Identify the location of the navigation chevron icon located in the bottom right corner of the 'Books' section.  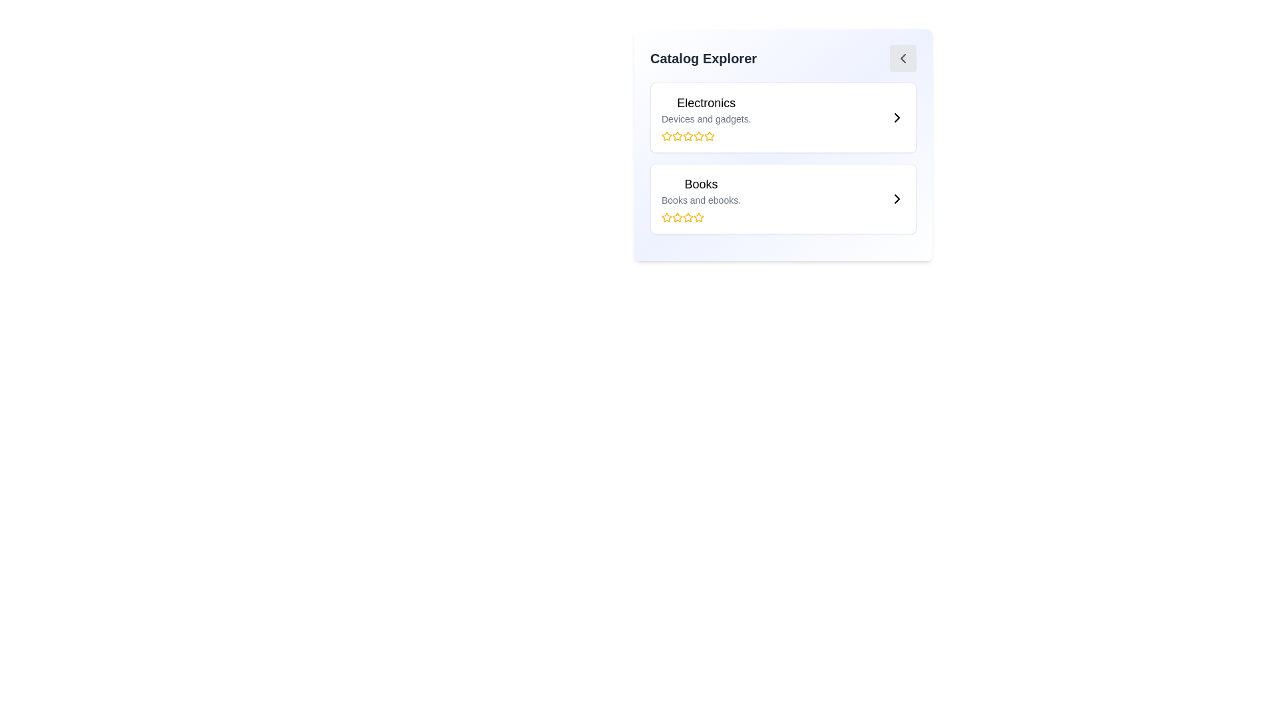
(897, 199).